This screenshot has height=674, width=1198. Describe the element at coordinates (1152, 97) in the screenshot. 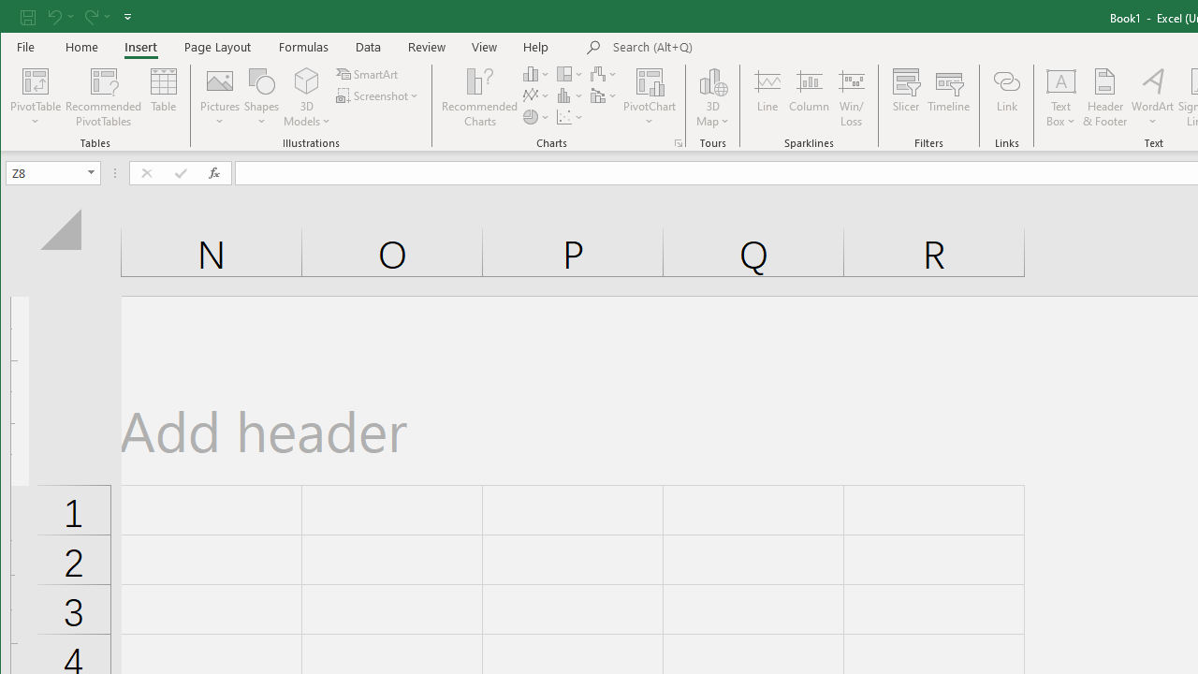

I see `'WordArt'` at that location.